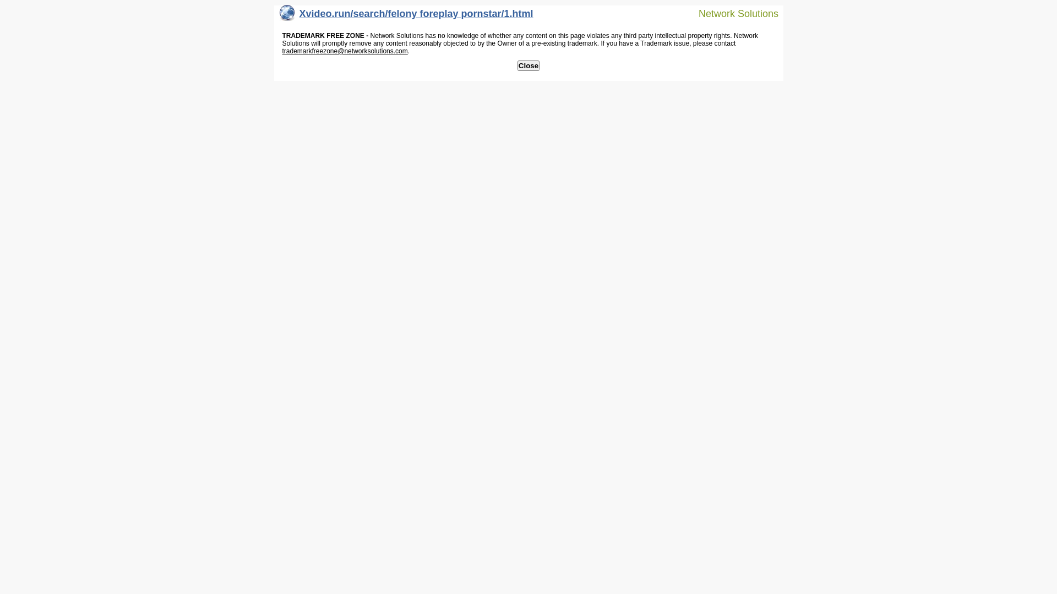 This screenshot has width=1057, height=594. What do you see at coordinates (344, 51) in the screenshot?
I see `'trademarkfreezone@networksolutions.com'` at bounding box center [344, 51].